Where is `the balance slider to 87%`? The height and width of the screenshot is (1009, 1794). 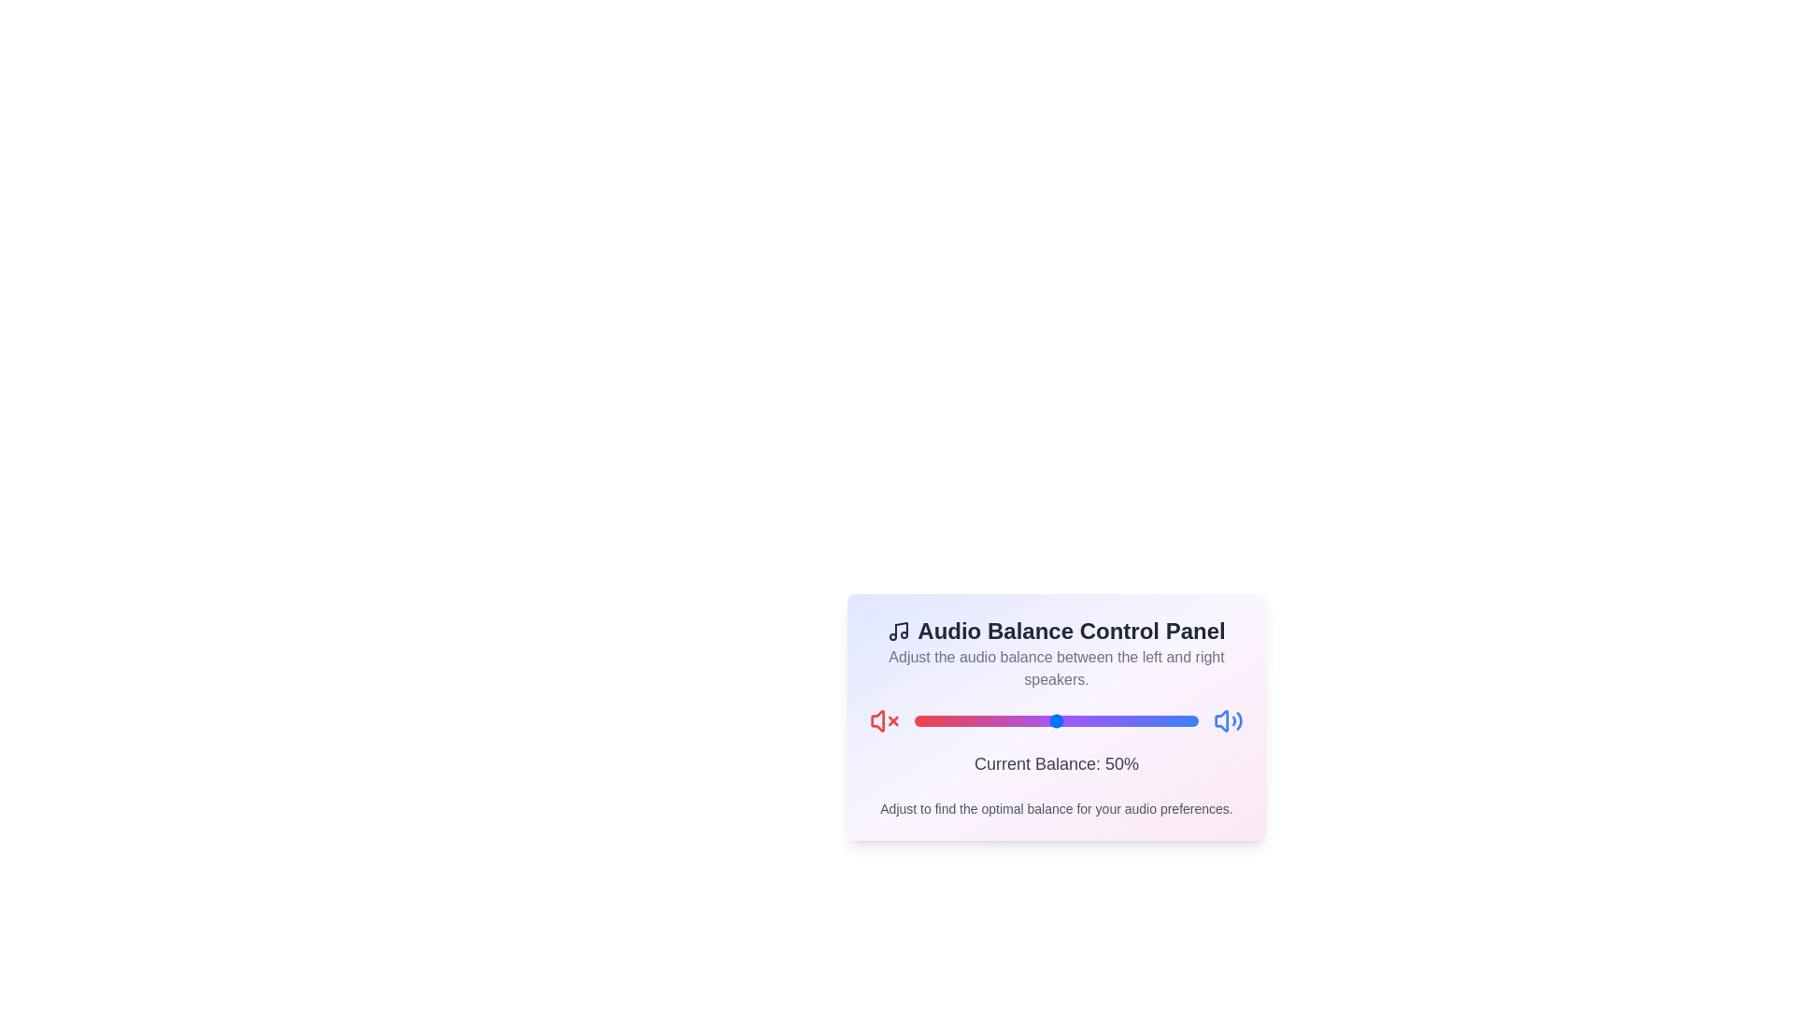
the balance slider to 87% is located at coordinates (1160, 719).